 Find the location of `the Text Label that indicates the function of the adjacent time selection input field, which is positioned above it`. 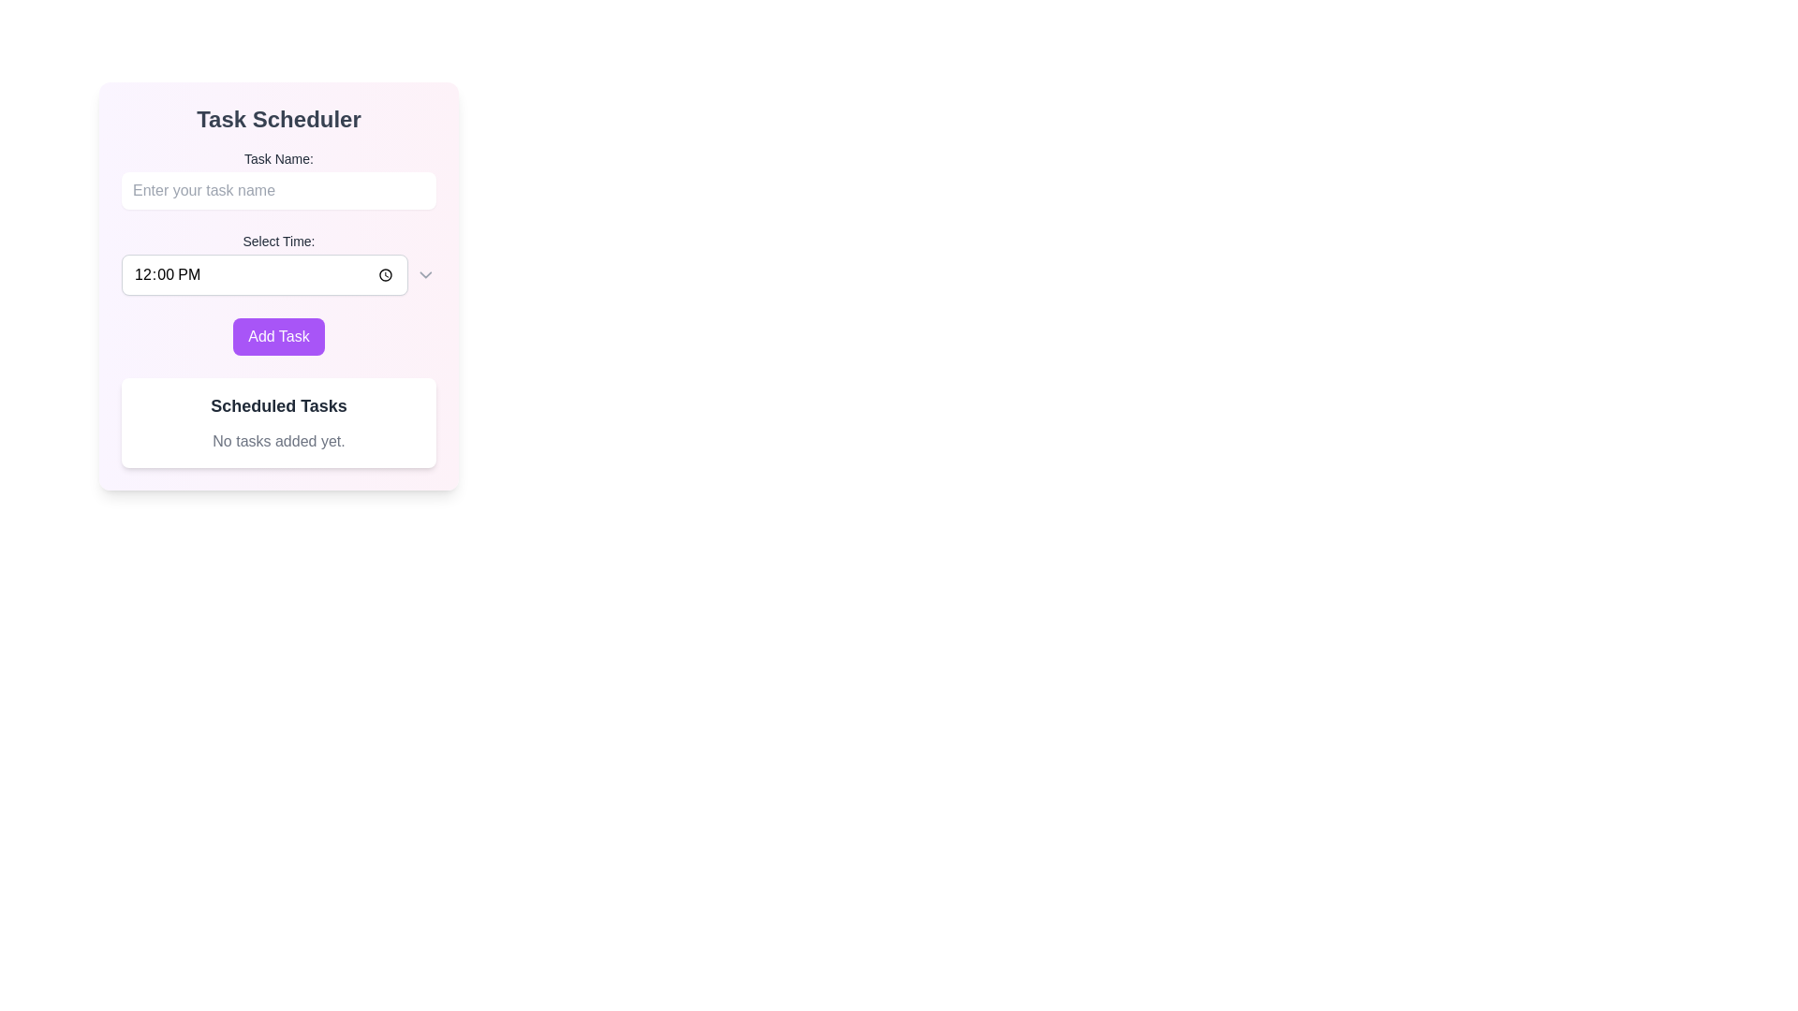

the Text Label that indicates the function of the adjacent time selection input field, which is positioned above it is located at coordinates (277, 241).